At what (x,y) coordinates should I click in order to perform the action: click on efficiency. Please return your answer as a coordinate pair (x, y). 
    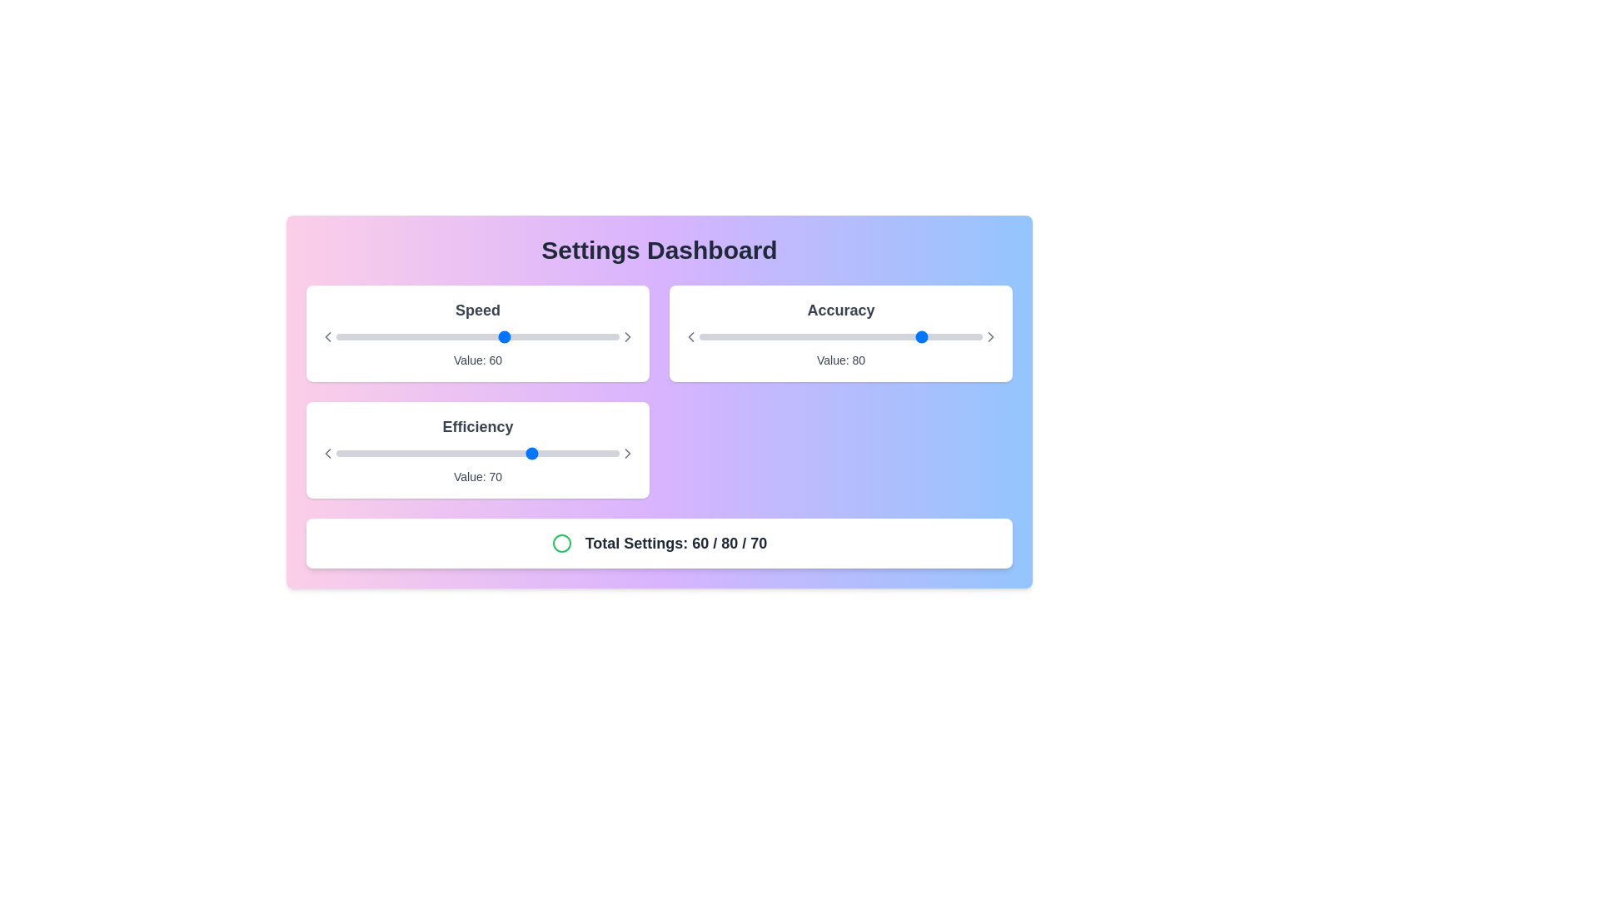
    Looking at the image, I should click on (375, 453).